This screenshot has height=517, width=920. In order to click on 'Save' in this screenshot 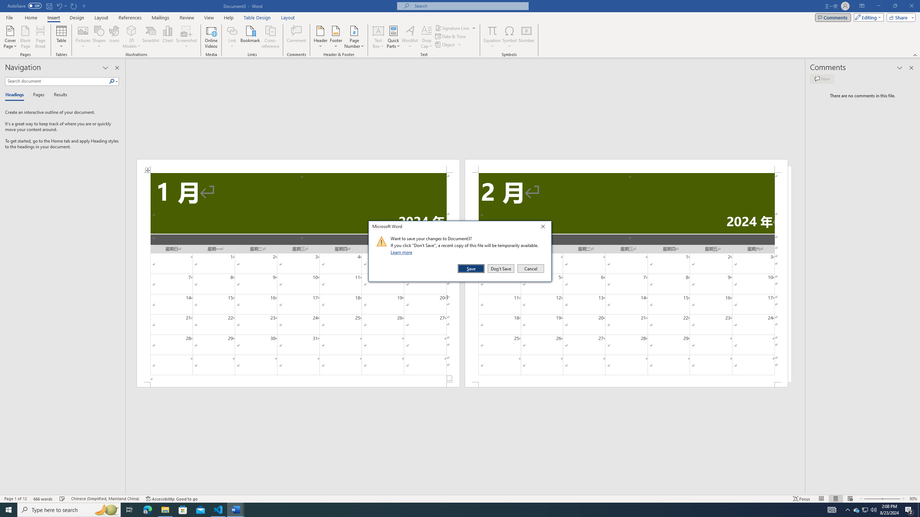, I will do `click(471, 268)`.